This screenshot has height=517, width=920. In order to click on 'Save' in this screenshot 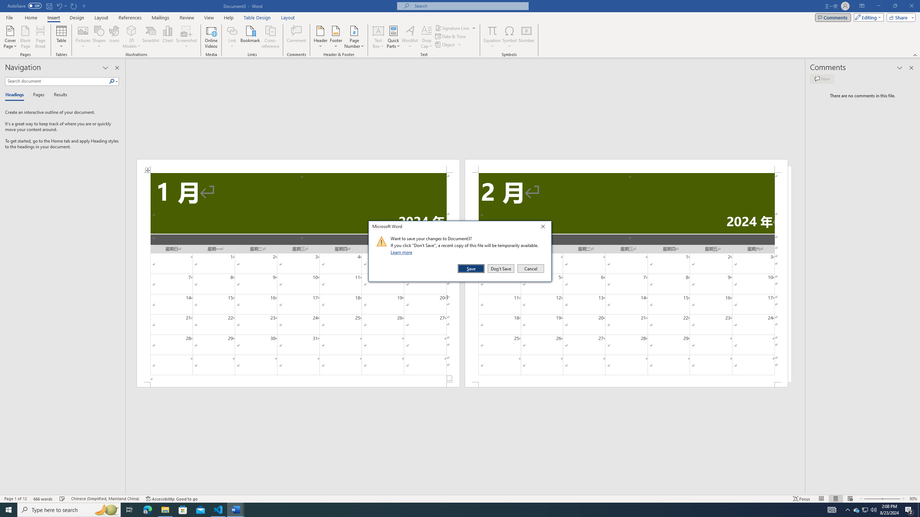, I will do `click(471, 268)`.